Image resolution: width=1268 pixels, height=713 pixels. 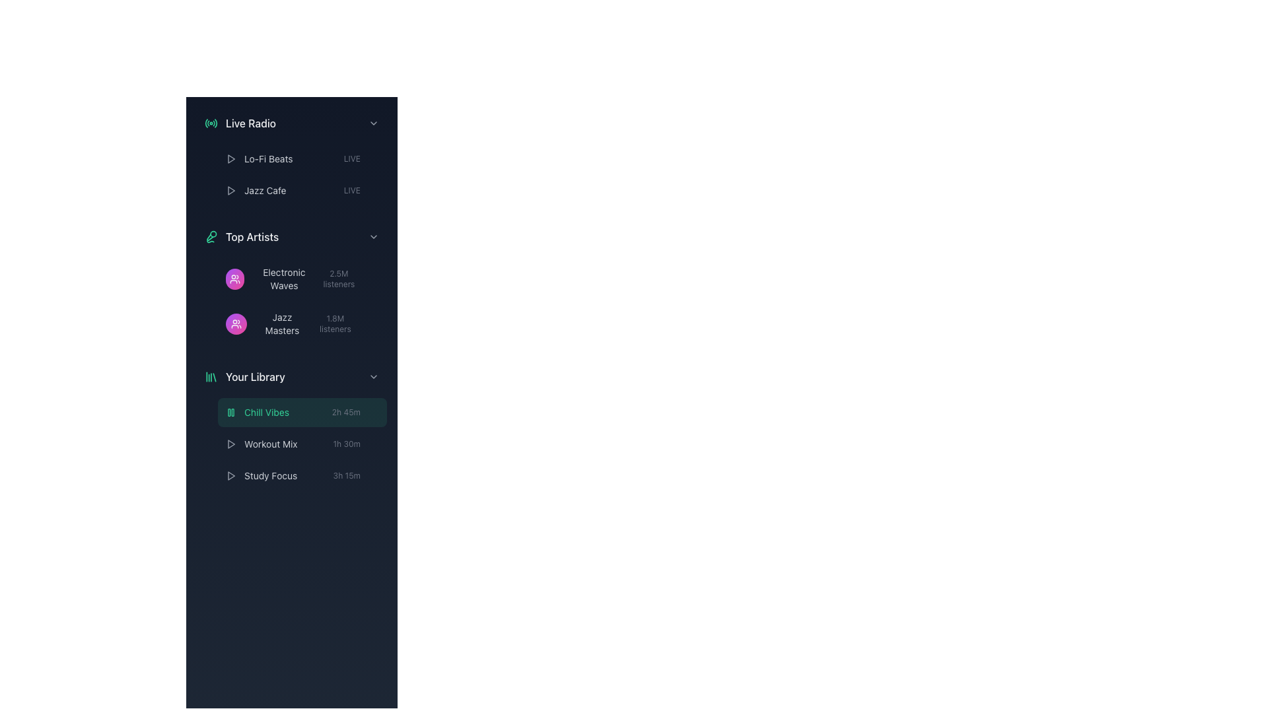 I want to click on the text label displaying the time duration located on the right-hand side of the 'Chill Vibes' entry in the 'Your Library' section, so click(x=355, y=411).